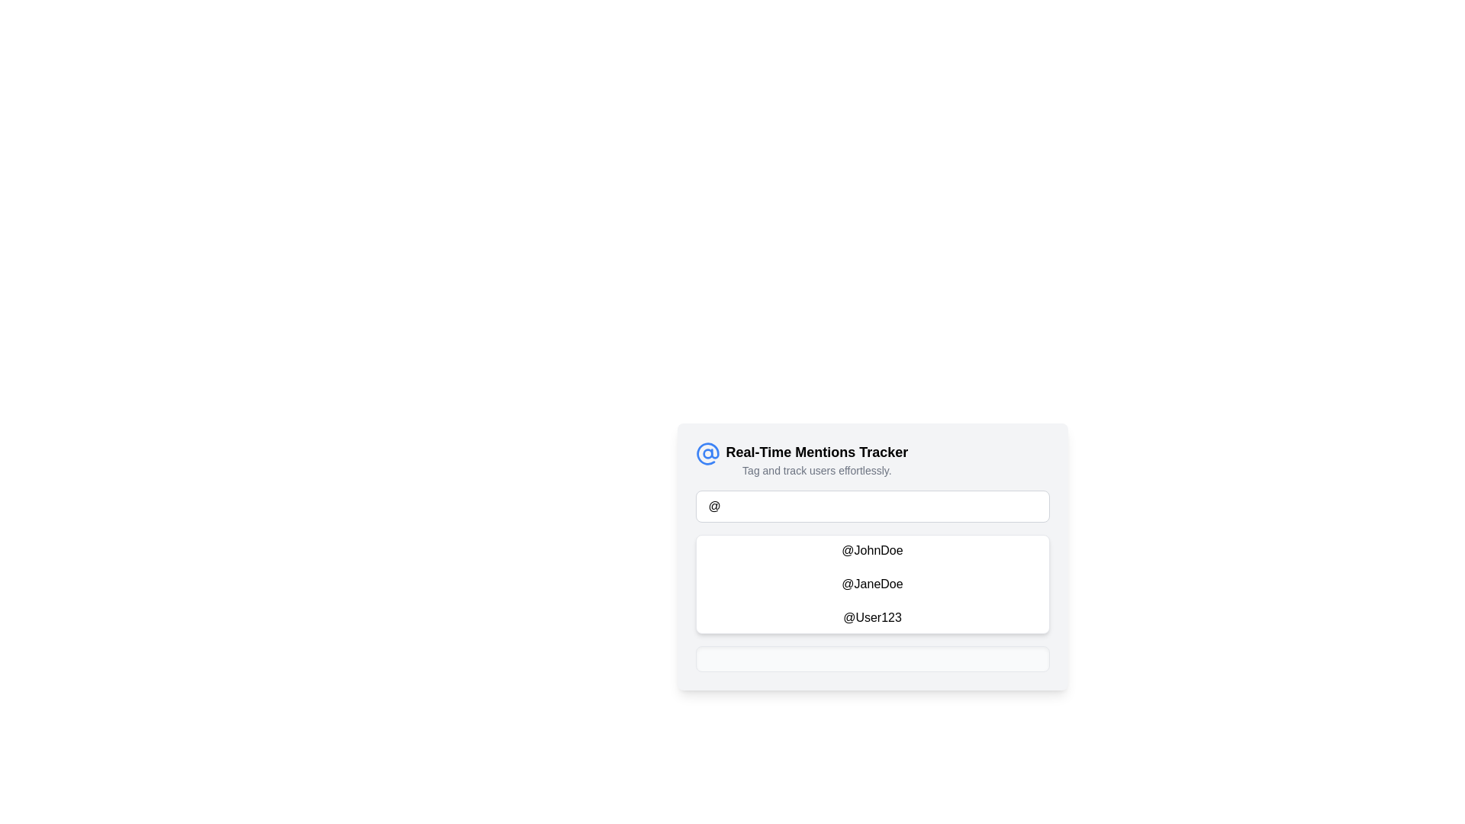 The width and height of the screenshot is (1465, 824). Describe the element at coordinates (816, 459) in the screenshot. I see `the descriptive header text block located at the top portion of the rectangular card interface, positioned to the right of a blue '@' icon` at that location.